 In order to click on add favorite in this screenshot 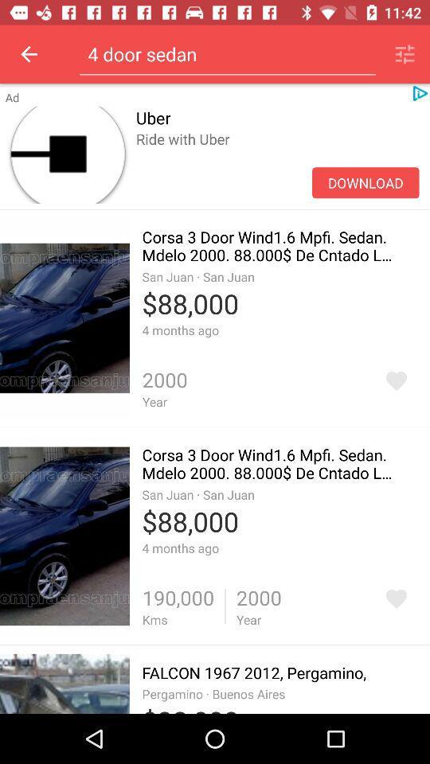, I will do `click(395, 380)`.